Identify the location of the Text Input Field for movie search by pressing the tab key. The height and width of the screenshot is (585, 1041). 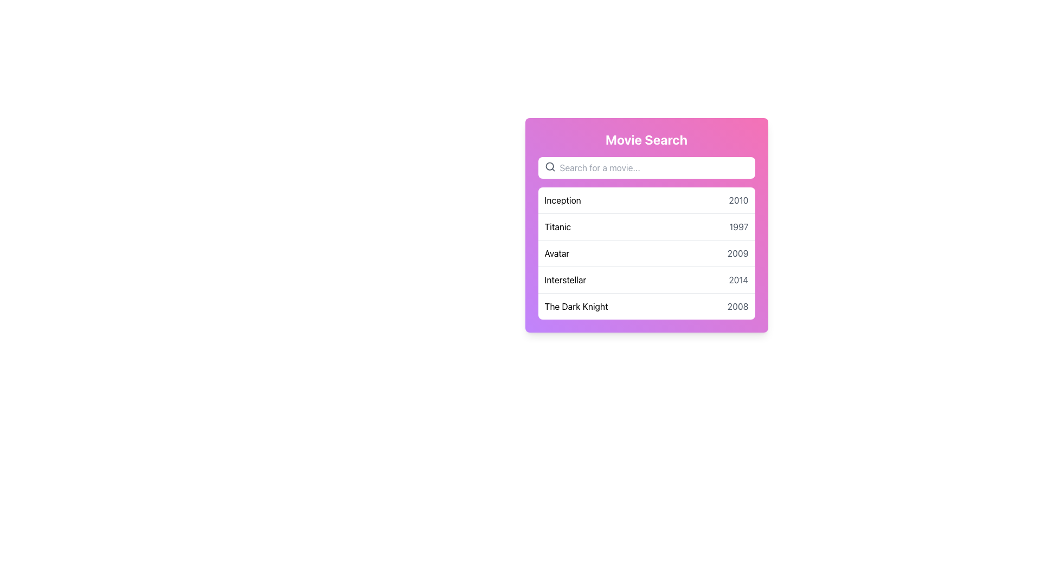
(646, 167).